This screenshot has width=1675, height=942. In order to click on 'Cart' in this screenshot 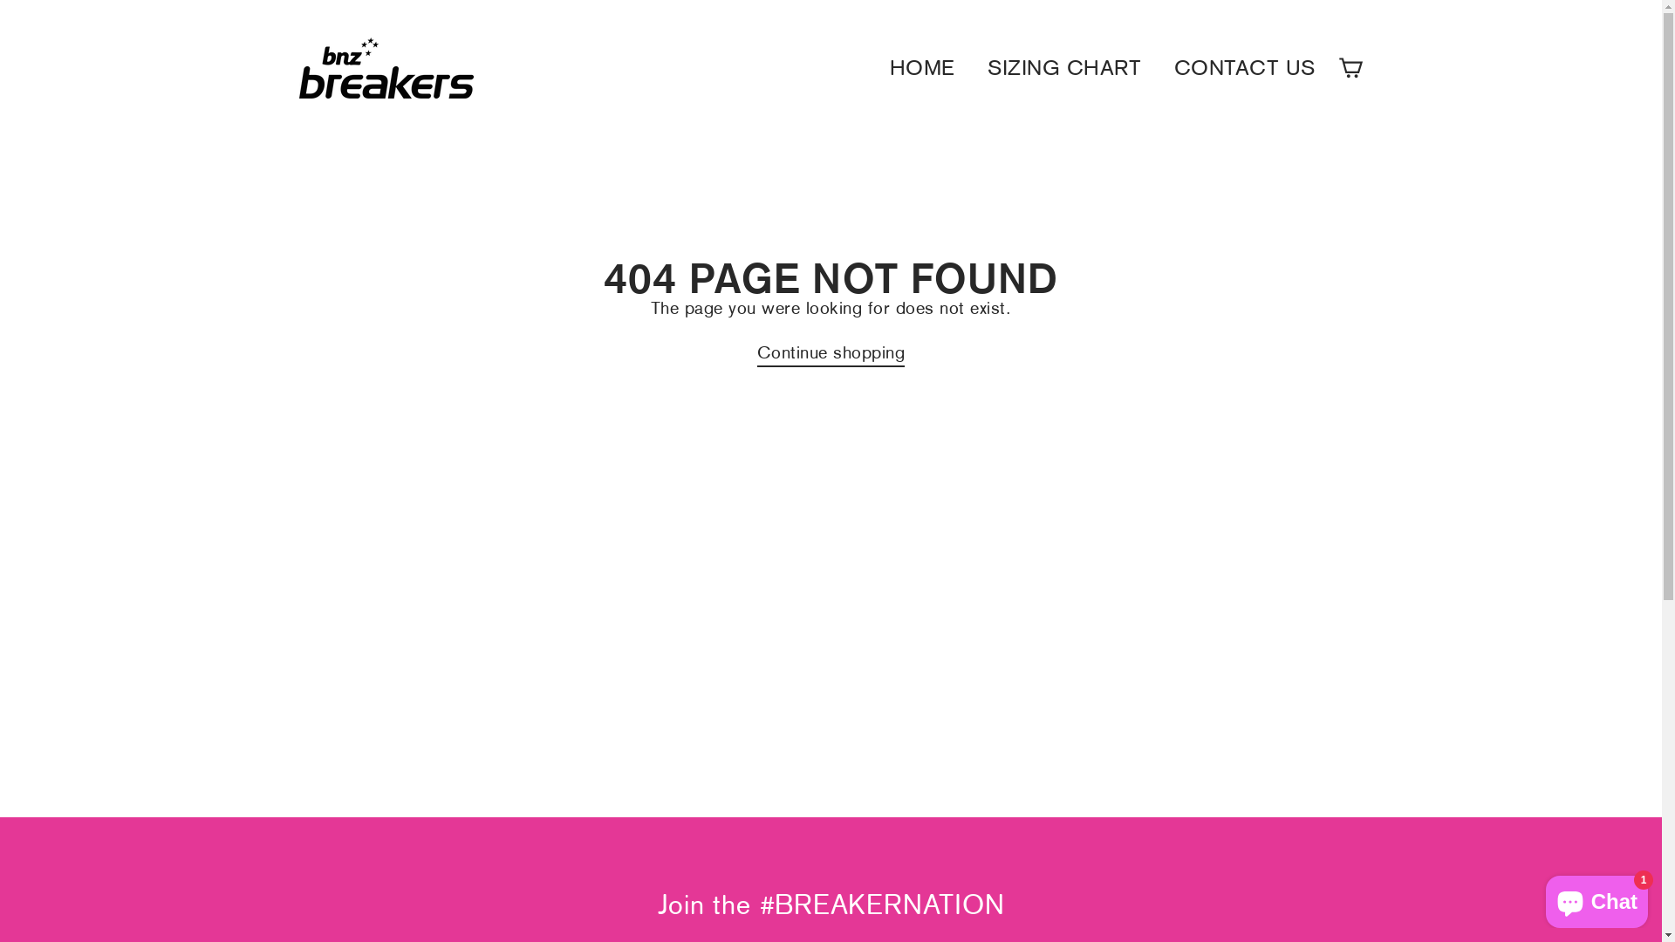, I will do `click(1350, 67)`.